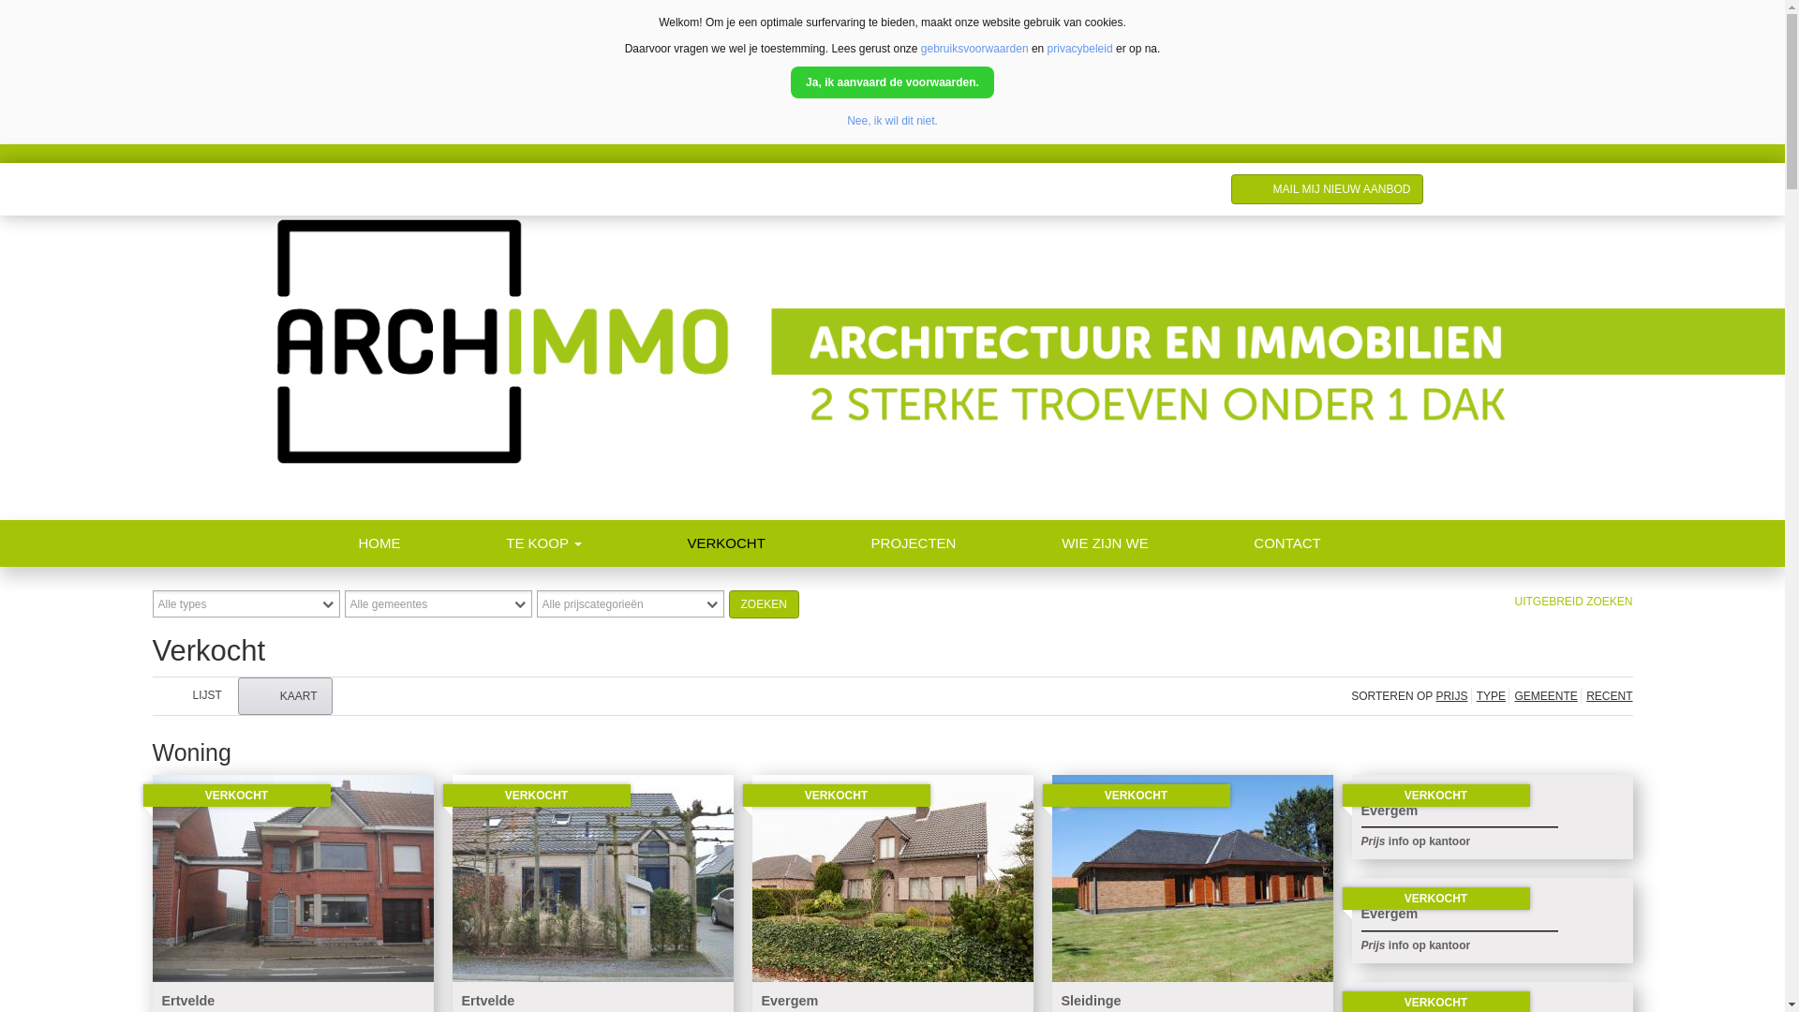 Image resolution: width=1799 pixels, height=1012 pixels. I want to click on 'gebruiksvoorwaarden', so click(974, 47).